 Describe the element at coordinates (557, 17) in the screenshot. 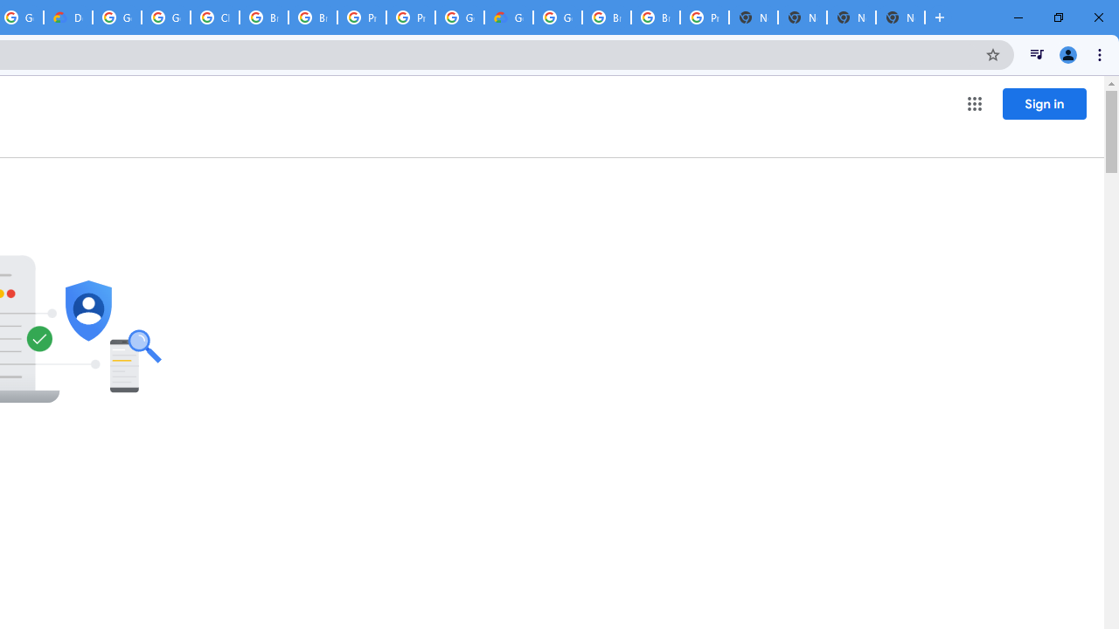

I see `'Google Cloud Platform'` at that location.